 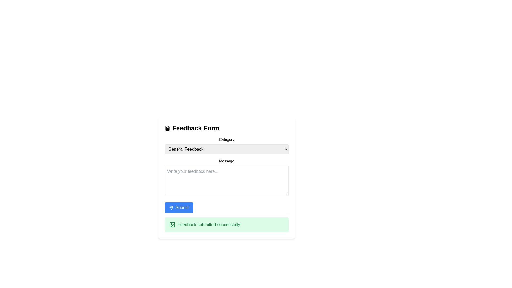 I want to click on the Notification banner that indicates 'Feedback submitted successfully!' with a green background and an icon, located at the bottom of the feedback form interface, so click(x=226, y=225).